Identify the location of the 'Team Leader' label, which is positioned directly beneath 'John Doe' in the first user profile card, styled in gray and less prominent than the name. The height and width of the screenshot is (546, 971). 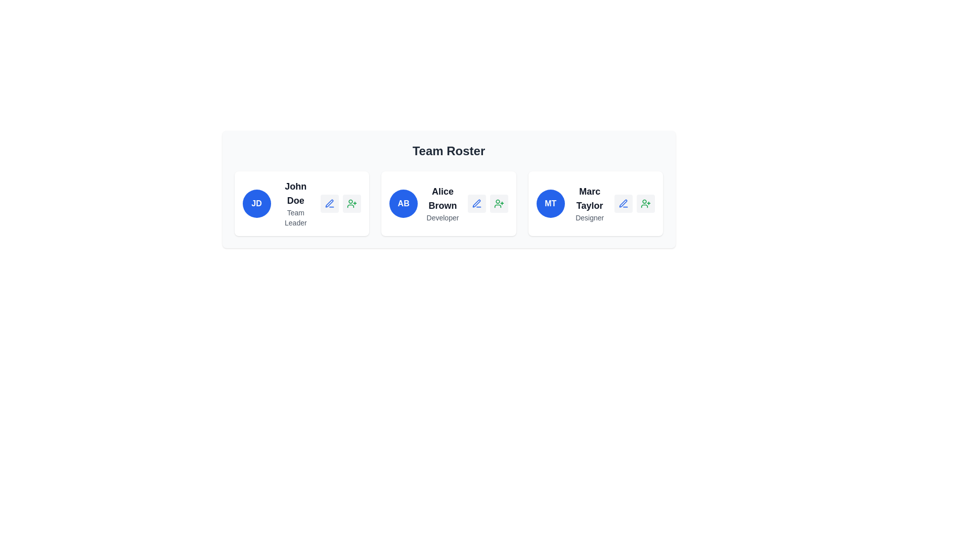
(295, 217).